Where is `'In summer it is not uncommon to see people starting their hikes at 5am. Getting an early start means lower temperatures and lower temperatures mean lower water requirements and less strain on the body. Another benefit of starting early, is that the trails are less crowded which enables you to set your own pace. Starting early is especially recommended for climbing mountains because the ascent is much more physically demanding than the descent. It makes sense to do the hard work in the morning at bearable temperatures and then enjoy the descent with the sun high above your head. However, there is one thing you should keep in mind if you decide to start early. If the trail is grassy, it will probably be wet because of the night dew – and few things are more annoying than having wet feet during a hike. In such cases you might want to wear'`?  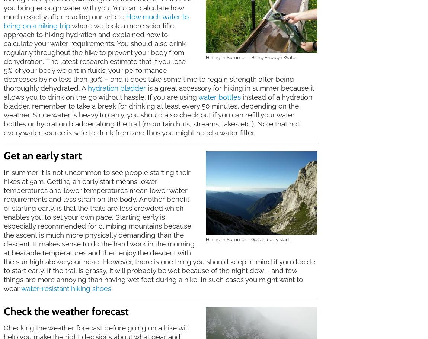 'In summer it is not uncommon to see people starting their hikes at 5am. Getting an early start means lower temperatures and lower temperatures mean lower water requirements and less strain on the body. Another benefit of starting early, is that the trails are less crowded which enables you to set your own pace. Starting early is especially recommended for climbing mountains because the ascent is much more physically demanding than the descent. It makes sense to do the hard work in the morning at bearable temperatures and then enjoy the descent with the sun high above your head. However, there is one thing you should keep in mind if you decide to start early. If the trail is grassy, it will probably be wet because of the night dew – and few things are more annoying than having wet feet during a hike. In such cases you might want to wear' is located at coordinates (159, 230).